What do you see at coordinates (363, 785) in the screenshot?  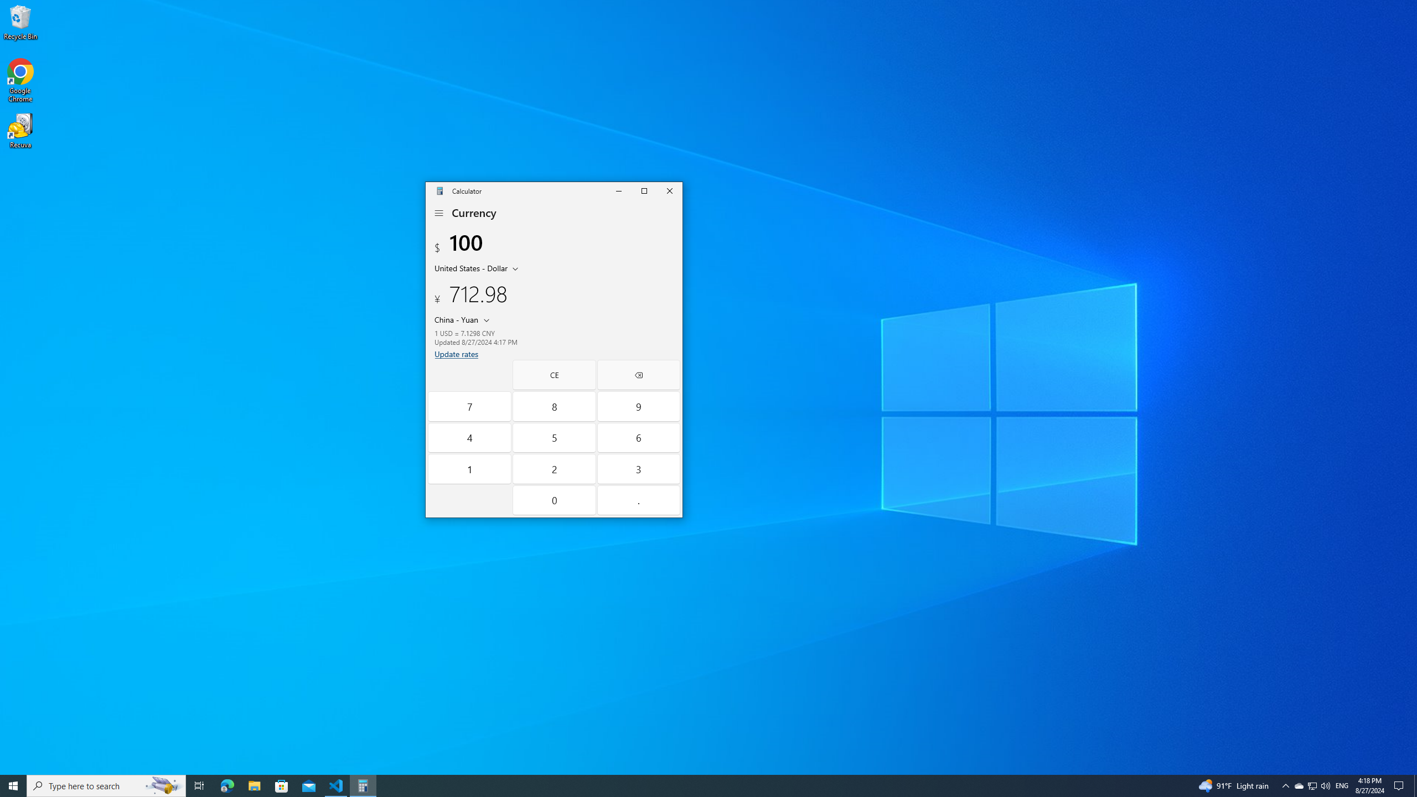 I see `'Calculator - 1 running window'` at bounding box center [363, 785].